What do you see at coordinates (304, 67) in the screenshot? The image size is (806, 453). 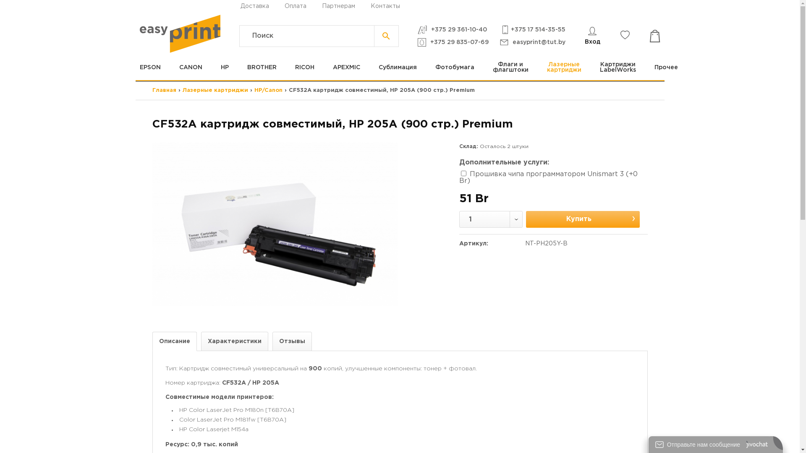 I see `'RICOH'` at bounding box center [304, 67].